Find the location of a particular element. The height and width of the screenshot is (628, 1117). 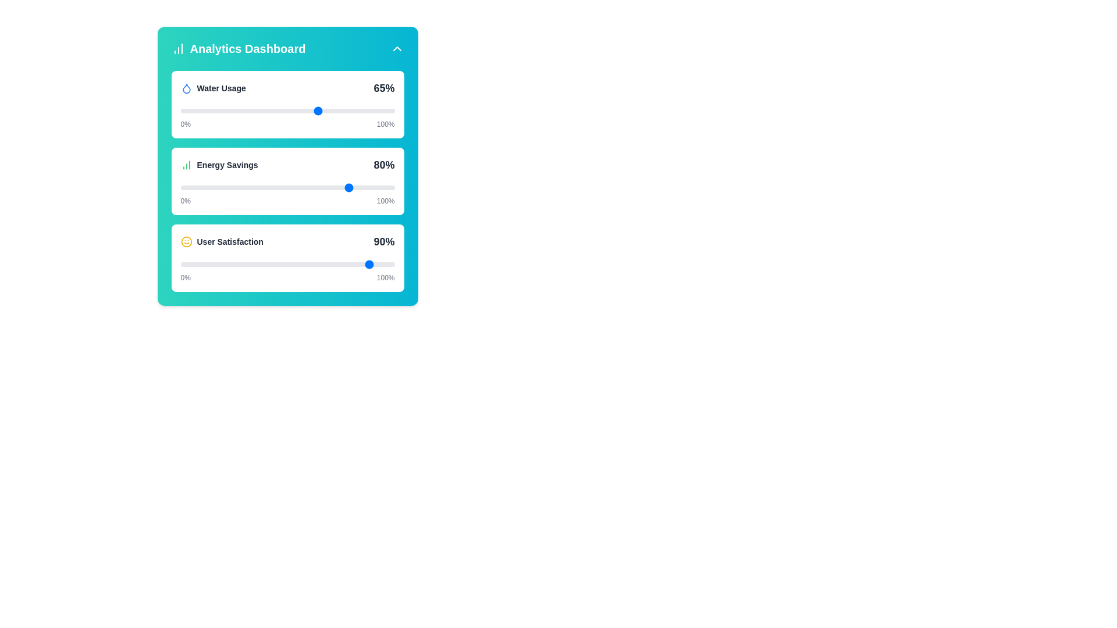

energy savings is located at coordinates (296, 187).